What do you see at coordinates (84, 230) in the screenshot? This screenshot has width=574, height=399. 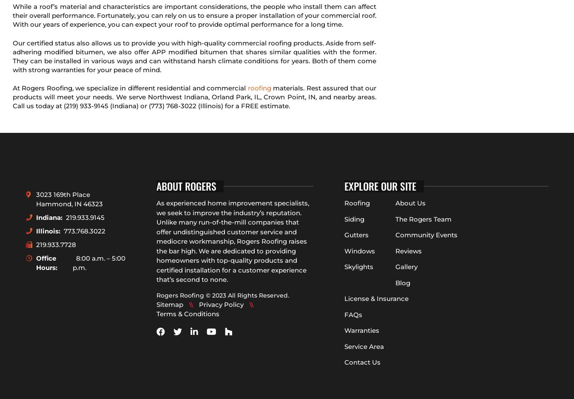 I see `'773.768.3022'` at bounding box center [84, 230].